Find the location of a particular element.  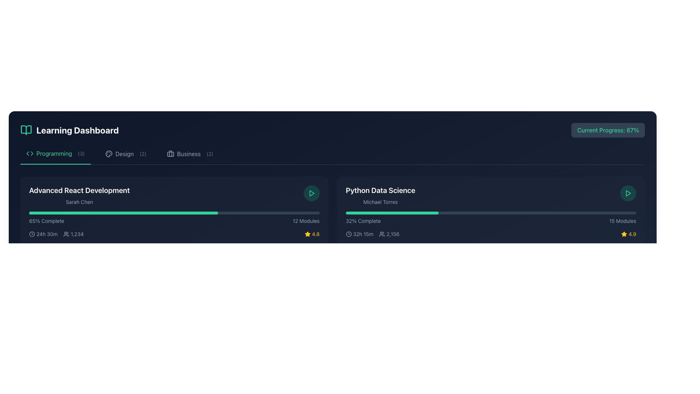

the star-shaped icon located to the left of the numeric rating 4.9 in the bottom-right corner of the Python Data Science module card is located at coordinates (308, 312).